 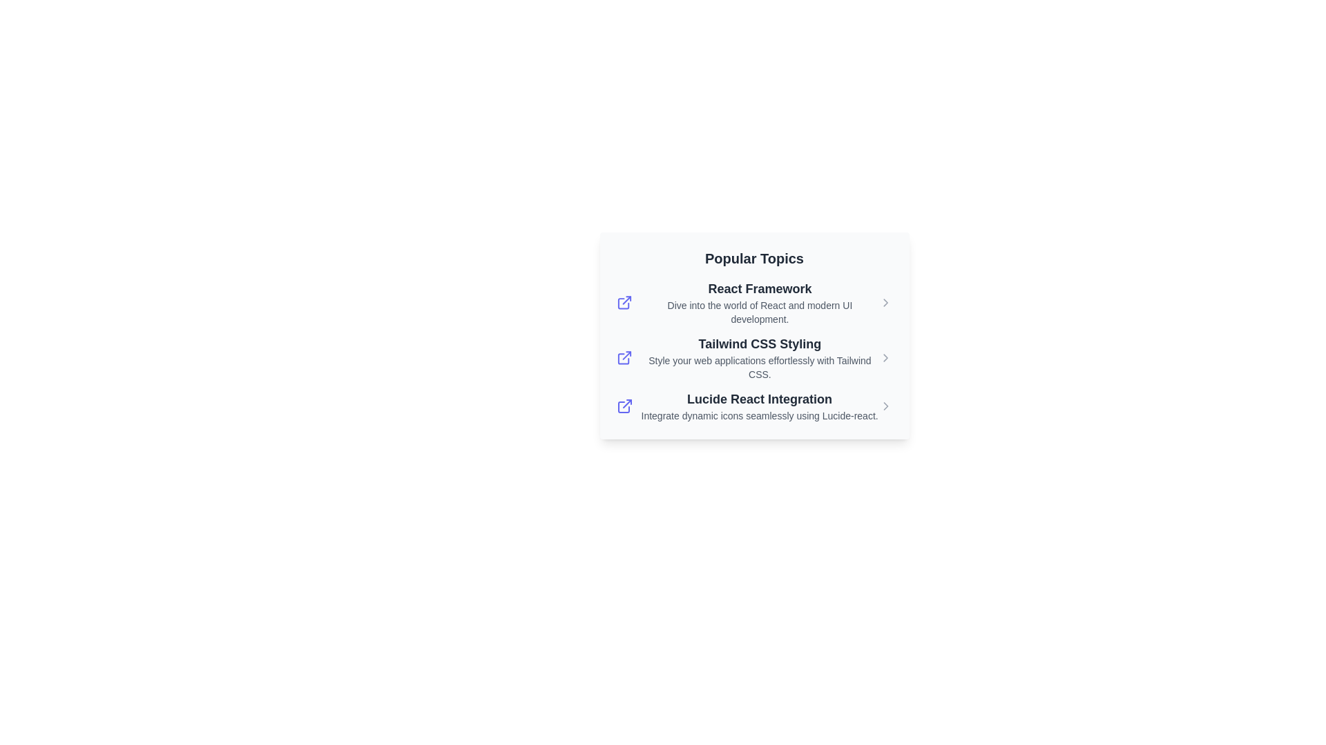 I want to click on the Chevron icon indicating navigation for 'Lucide React Integration', so click(x=885, y=406).